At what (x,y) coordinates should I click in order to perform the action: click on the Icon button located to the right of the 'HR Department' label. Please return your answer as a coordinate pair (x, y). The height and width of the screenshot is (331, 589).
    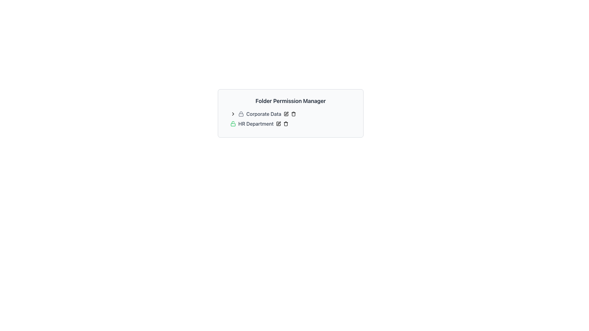
    Looking at the image, I should click on (278, 124).